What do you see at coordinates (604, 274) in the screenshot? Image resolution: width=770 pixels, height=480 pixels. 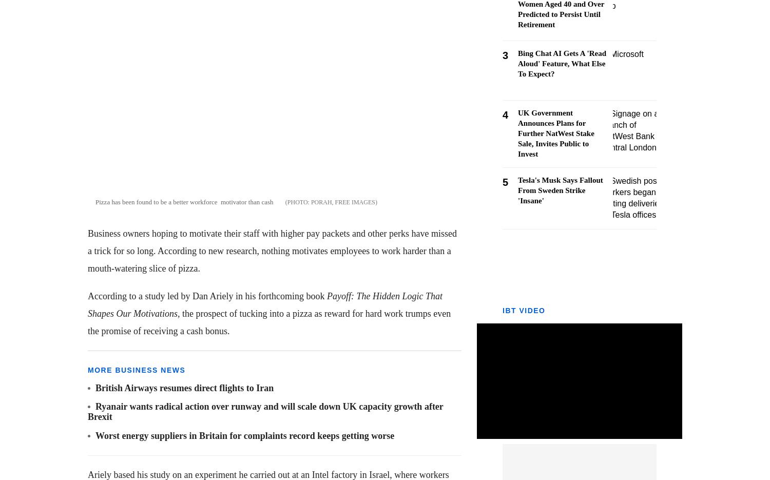 I see `'Sign Up Now'` at bounding box center [604, 274].